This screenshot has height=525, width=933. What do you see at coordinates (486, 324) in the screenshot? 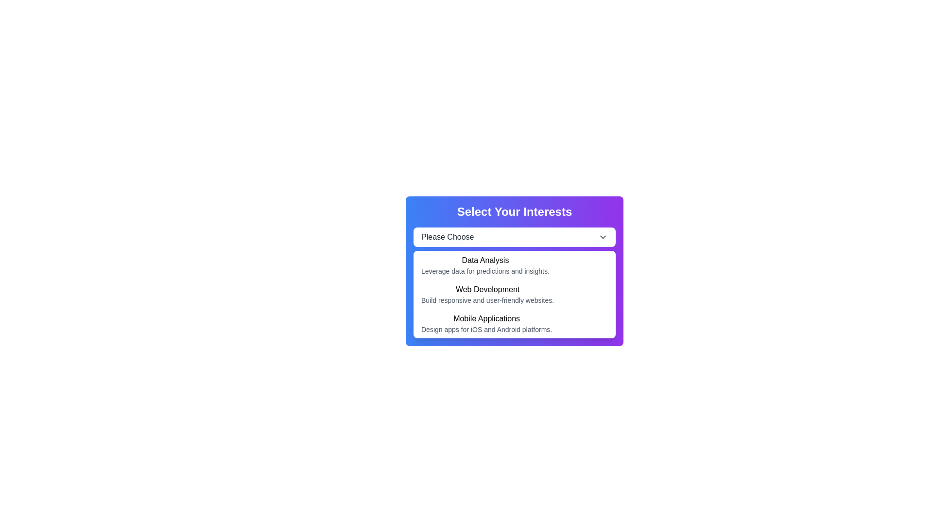
I see `the informational text block titled 'Mobile Applications' that describes the interest option for designing apps for iOS and Android platforms, located as the third item in the list below the 'Select Your Interests' dropdown` at bounding box center [486, 324].